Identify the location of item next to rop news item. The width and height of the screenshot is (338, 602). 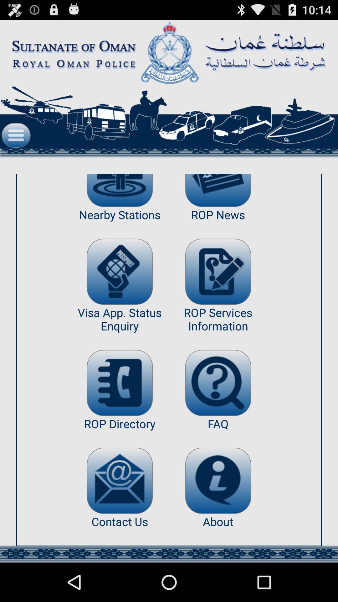
(120, 190).